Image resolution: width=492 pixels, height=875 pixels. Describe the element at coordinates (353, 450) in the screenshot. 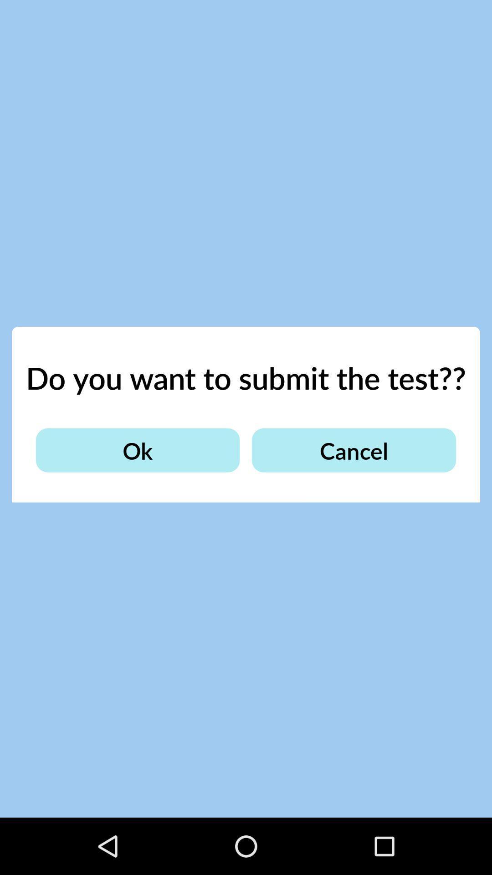

I see `the item below the do you want item` at that location.